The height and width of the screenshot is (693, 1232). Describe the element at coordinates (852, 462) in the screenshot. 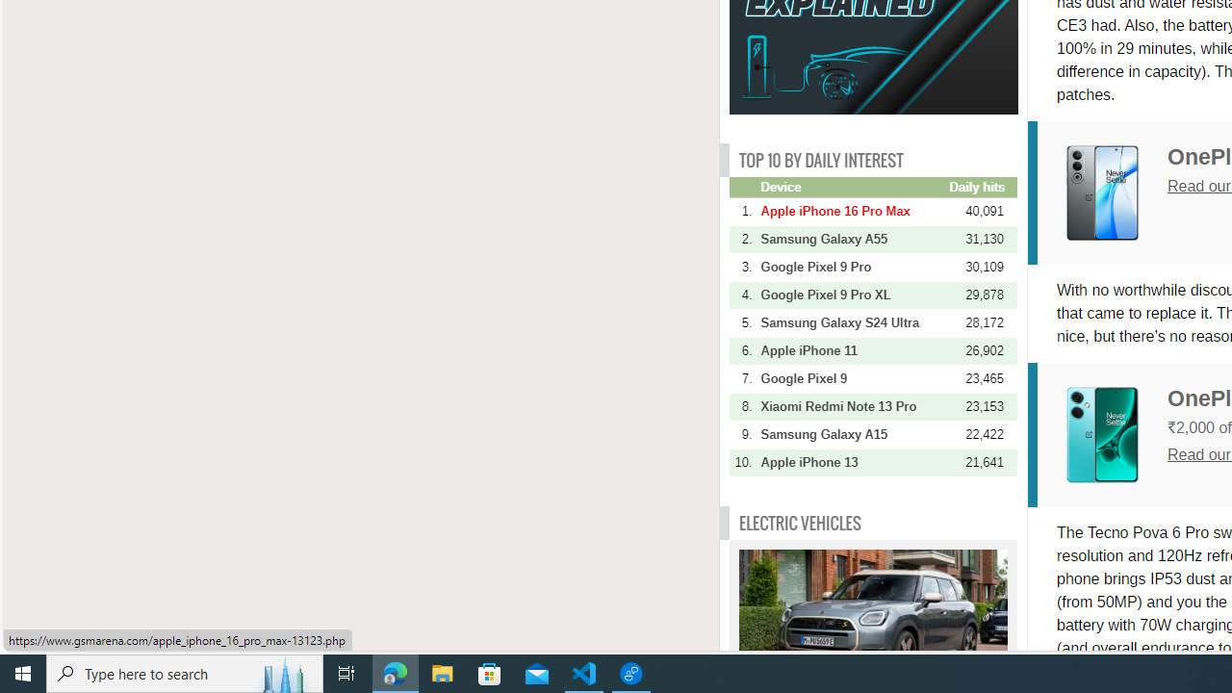

I see `'Apple iPhone 13'` at that location.